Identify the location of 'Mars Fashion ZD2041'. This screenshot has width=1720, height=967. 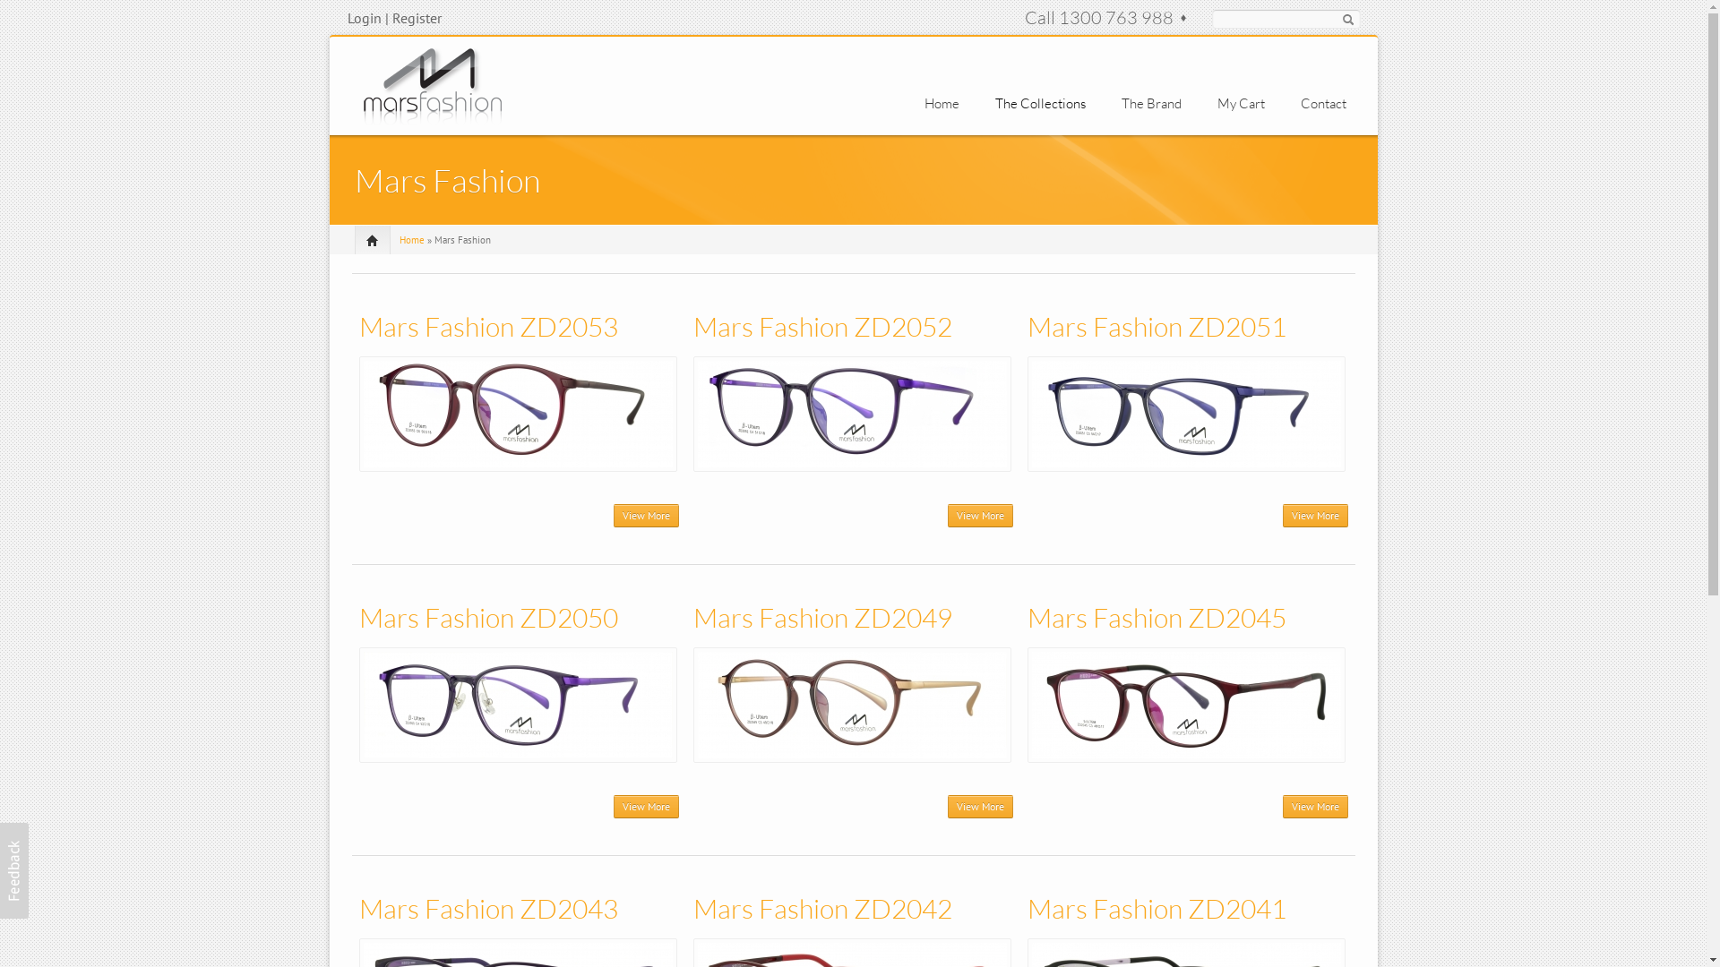
(1157, 908).